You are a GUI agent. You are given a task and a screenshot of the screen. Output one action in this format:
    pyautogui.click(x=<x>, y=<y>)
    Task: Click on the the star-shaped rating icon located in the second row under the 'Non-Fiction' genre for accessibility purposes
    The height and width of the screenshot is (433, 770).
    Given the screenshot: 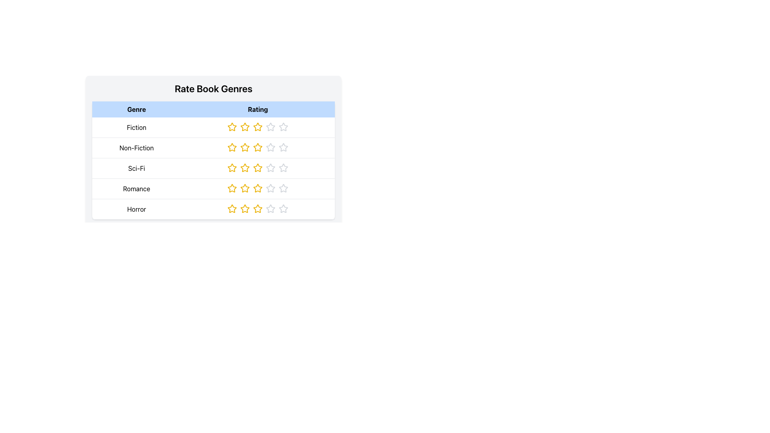 What is the action you would take?
    pyautogui.click(x=232, y=147)
    